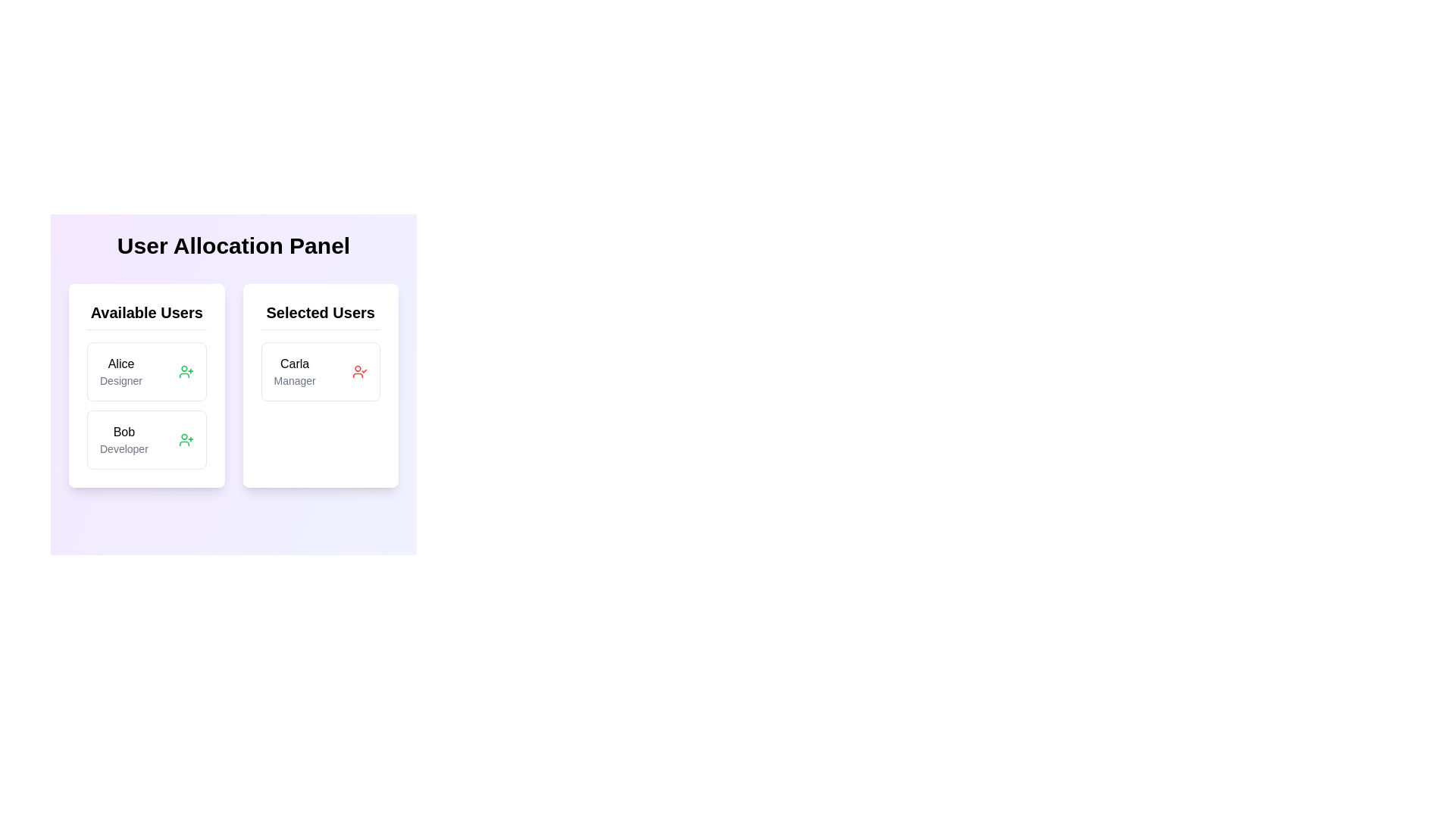 The width and height of the screenshot is (1455, 818). Describe the element at coordinates (146, 440) in the screenshot. I see `the user card representing 'Bob', the Developer, located in the 'Available Users' column of the 'User Allocation Panel'` at that location.